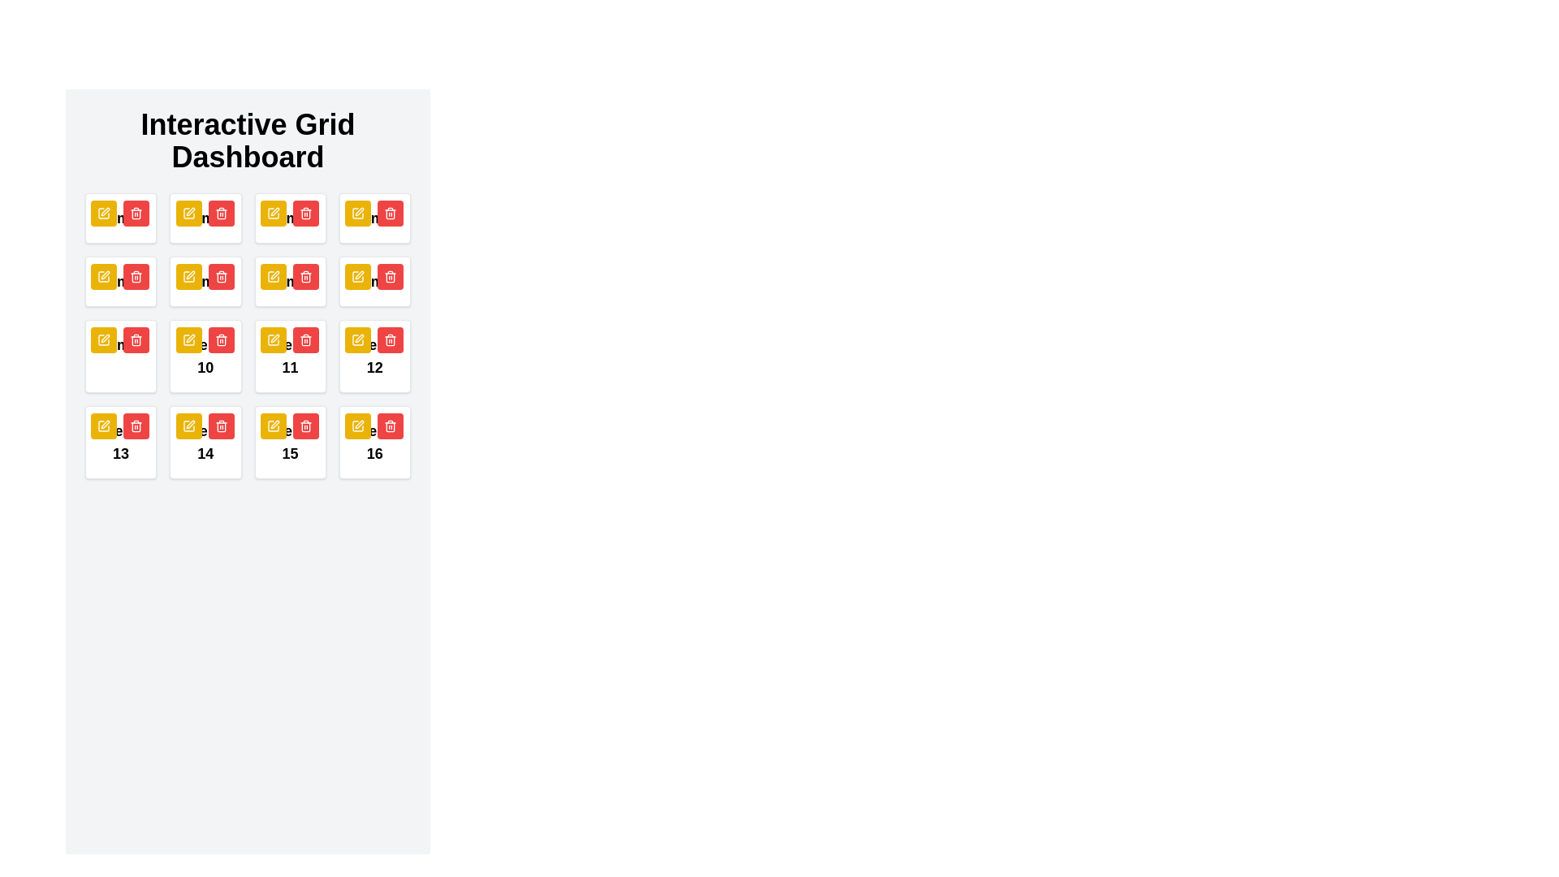 This screenshot has height=877, width=1559. I want to click on the left editing button located at the top-right of the grid cell, so click(103, 339).